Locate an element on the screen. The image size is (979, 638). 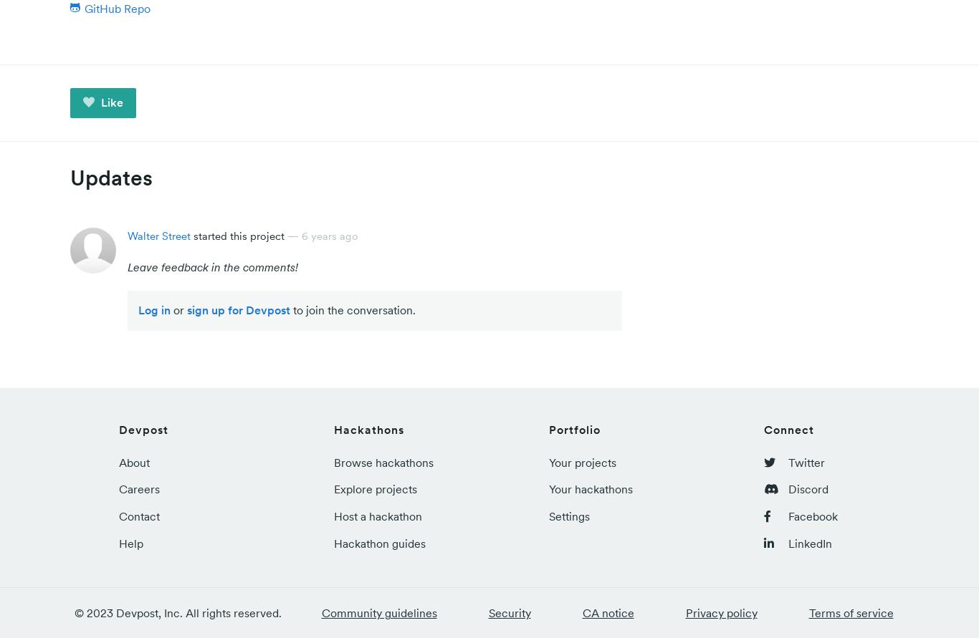
'Leave feedback in the comments!' is located at coordinates (212, 266).